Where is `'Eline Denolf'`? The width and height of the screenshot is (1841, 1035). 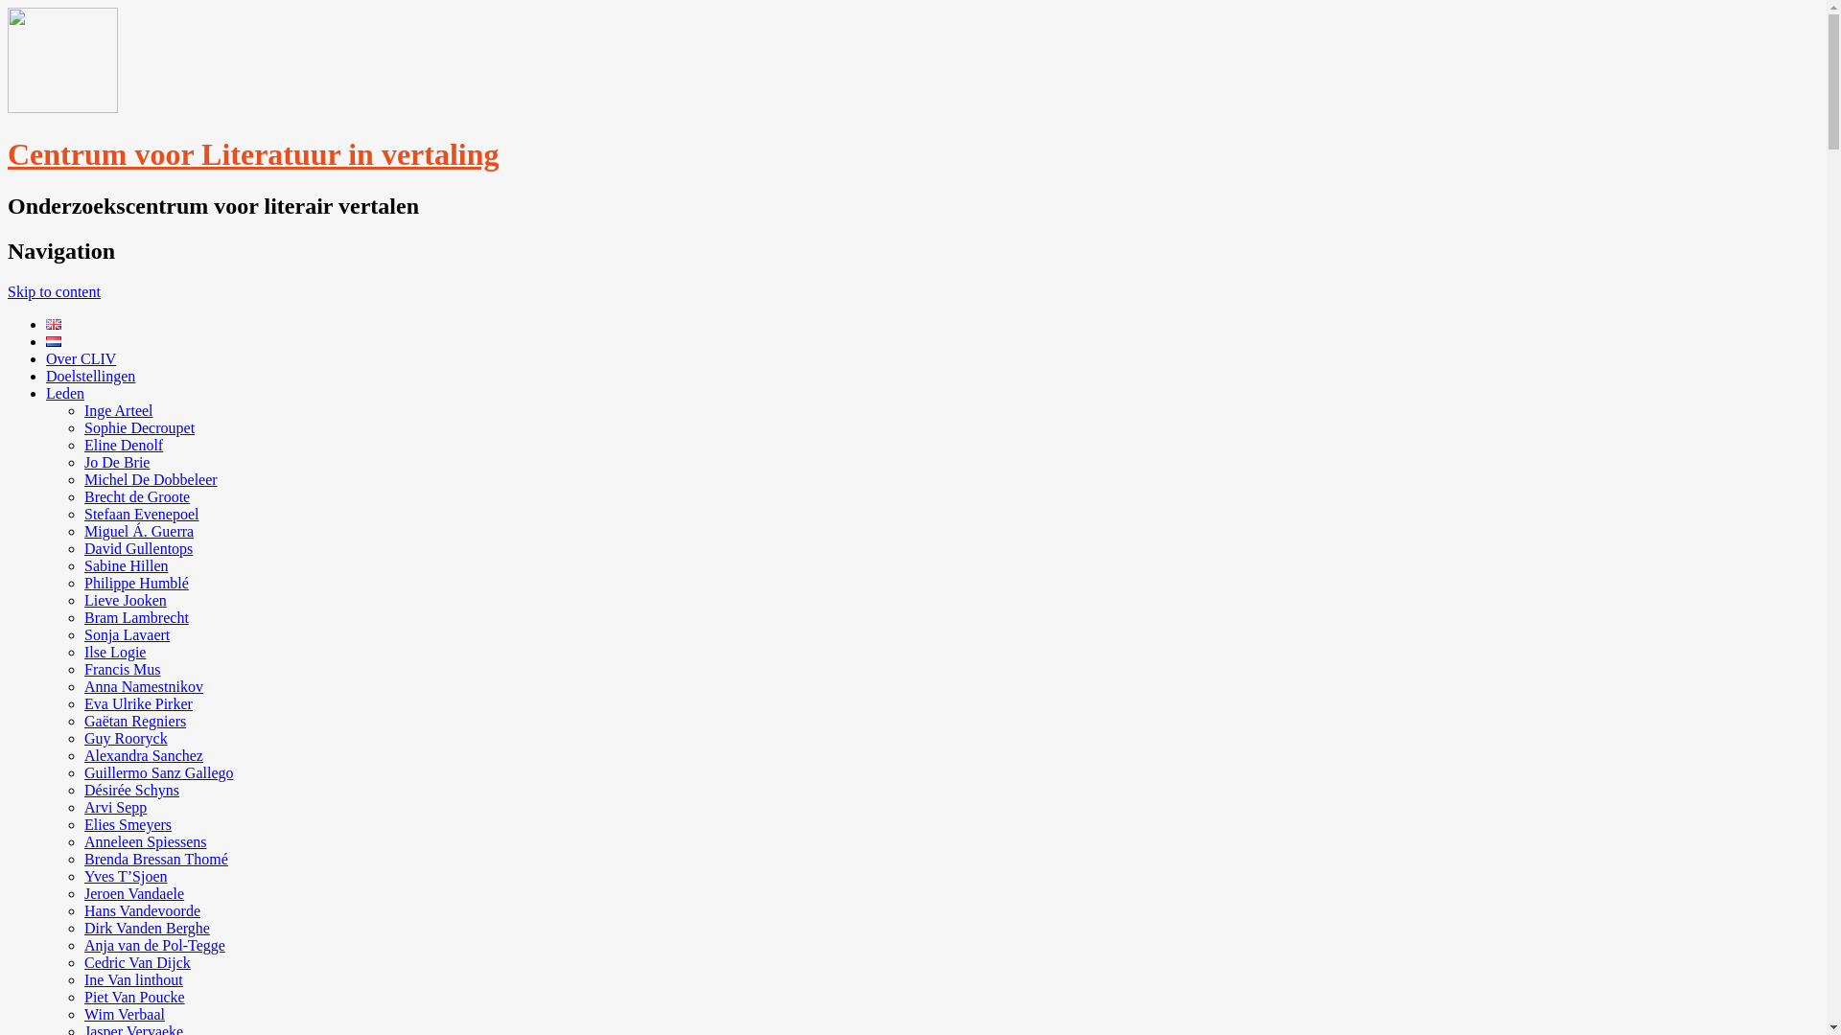 'Eline Denolf' is located at coordinates (123, 445).